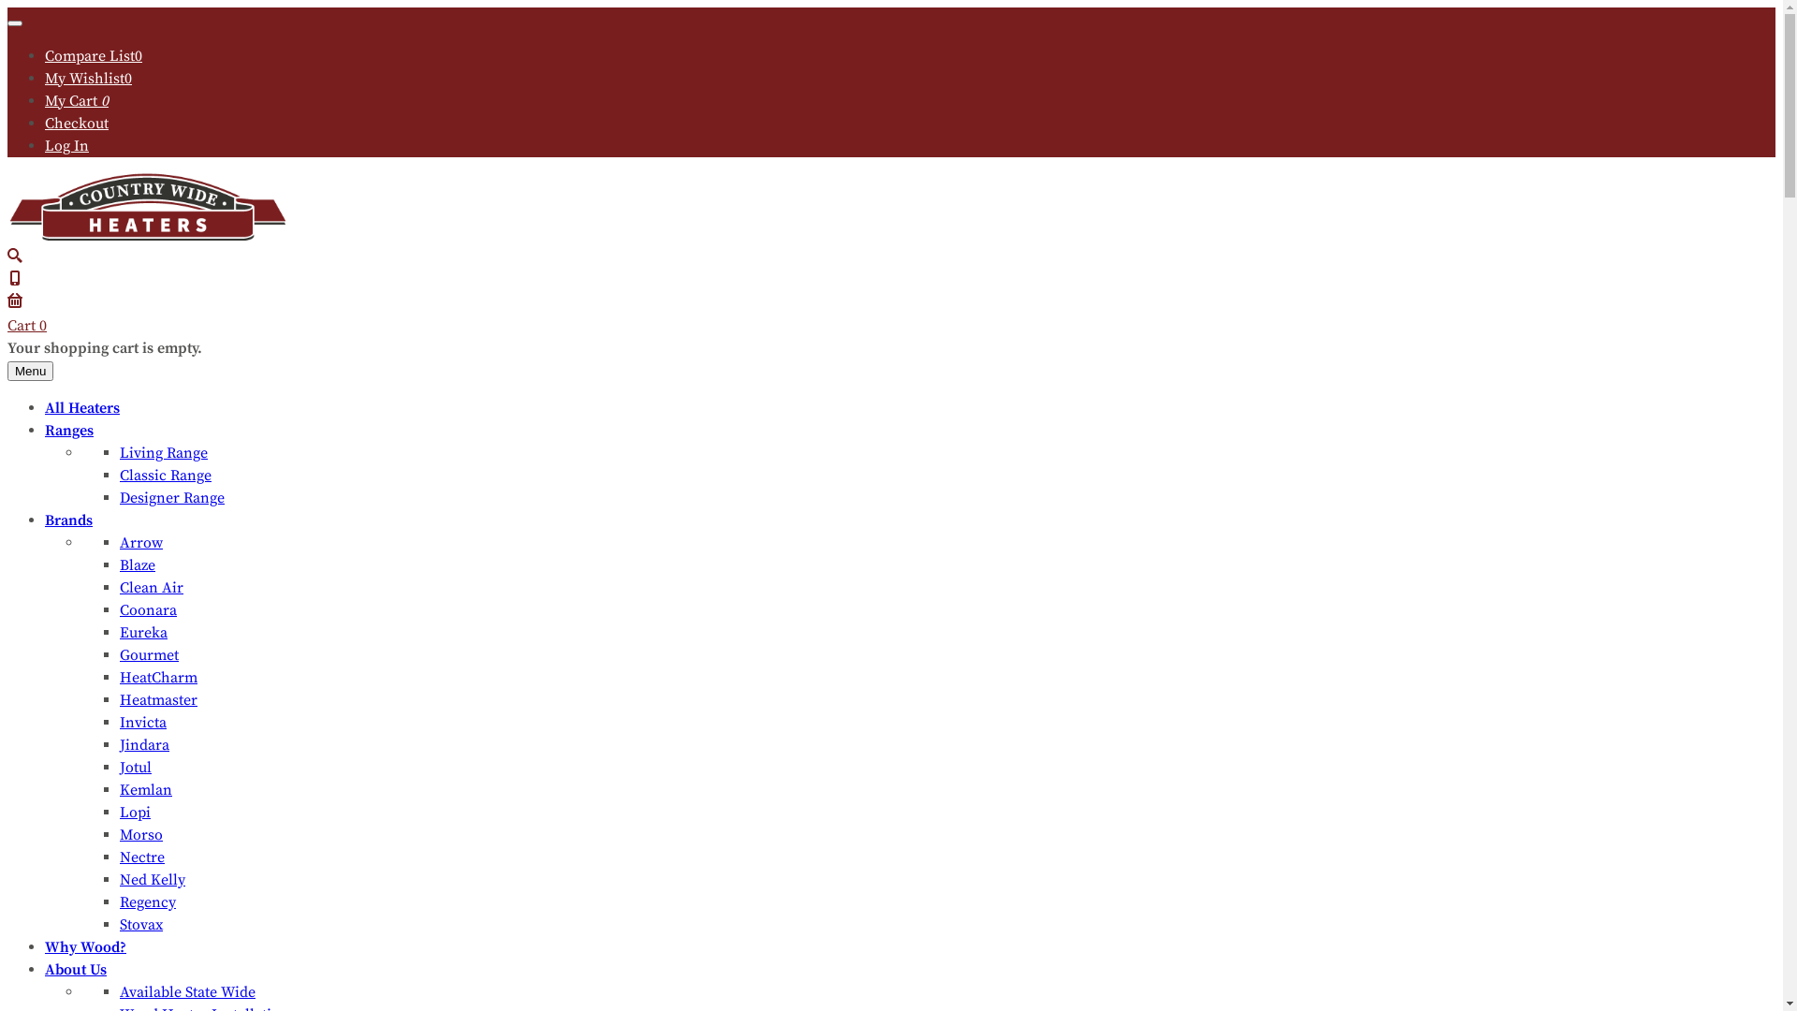  What do you see at coordinates (134, 811) in the screenshot?
I see `'Lopi'` at bounding box center [134, 811].